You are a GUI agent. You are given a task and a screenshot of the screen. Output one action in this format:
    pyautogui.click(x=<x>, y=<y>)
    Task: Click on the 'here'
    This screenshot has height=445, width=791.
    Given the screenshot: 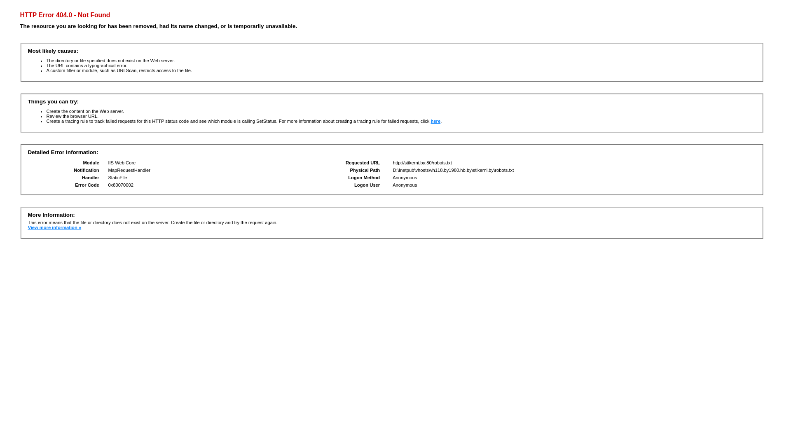 What is the action you would take?
    pyautogui.click(x=435, y=121)
    